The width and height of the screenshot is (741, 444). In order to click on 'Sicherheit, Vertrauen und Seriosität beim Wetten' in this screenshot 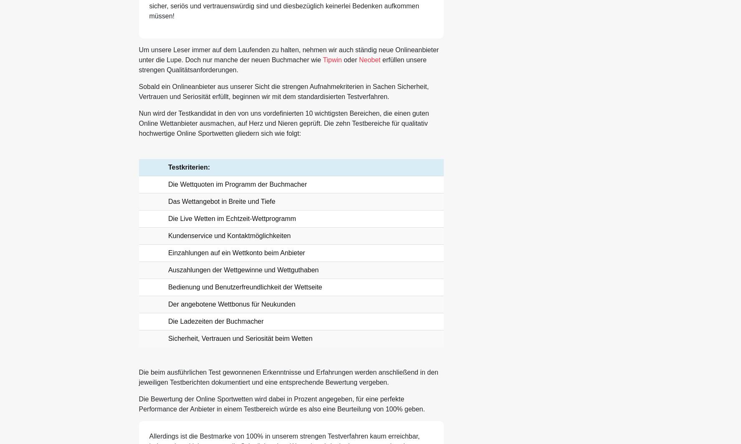, I will do `click(240, 338)`.